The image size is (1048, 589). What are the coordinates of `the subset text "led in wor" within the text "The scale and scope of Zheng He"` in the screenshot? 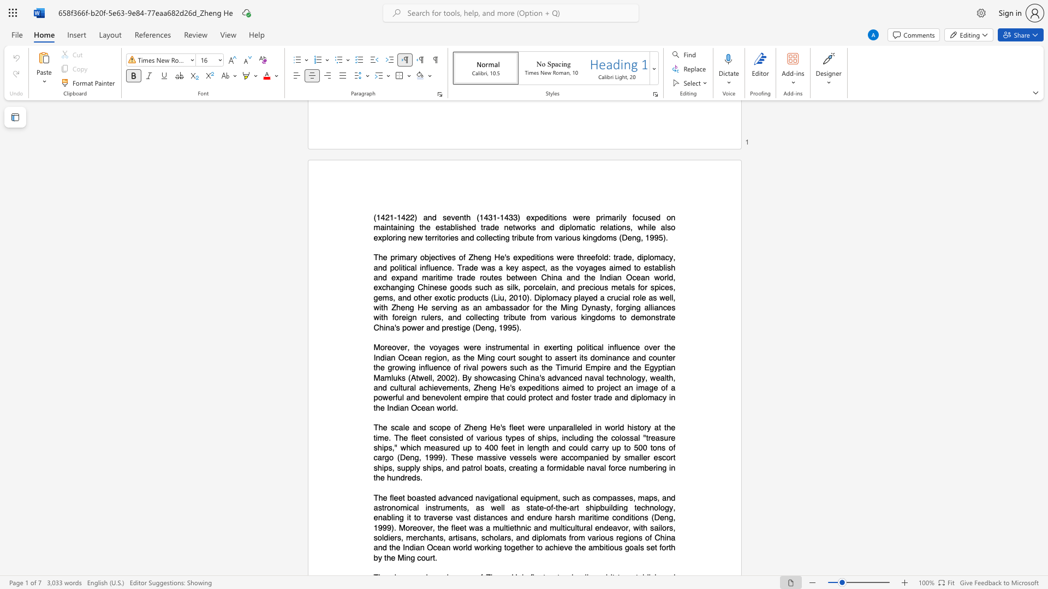 It's located at (581, 427).